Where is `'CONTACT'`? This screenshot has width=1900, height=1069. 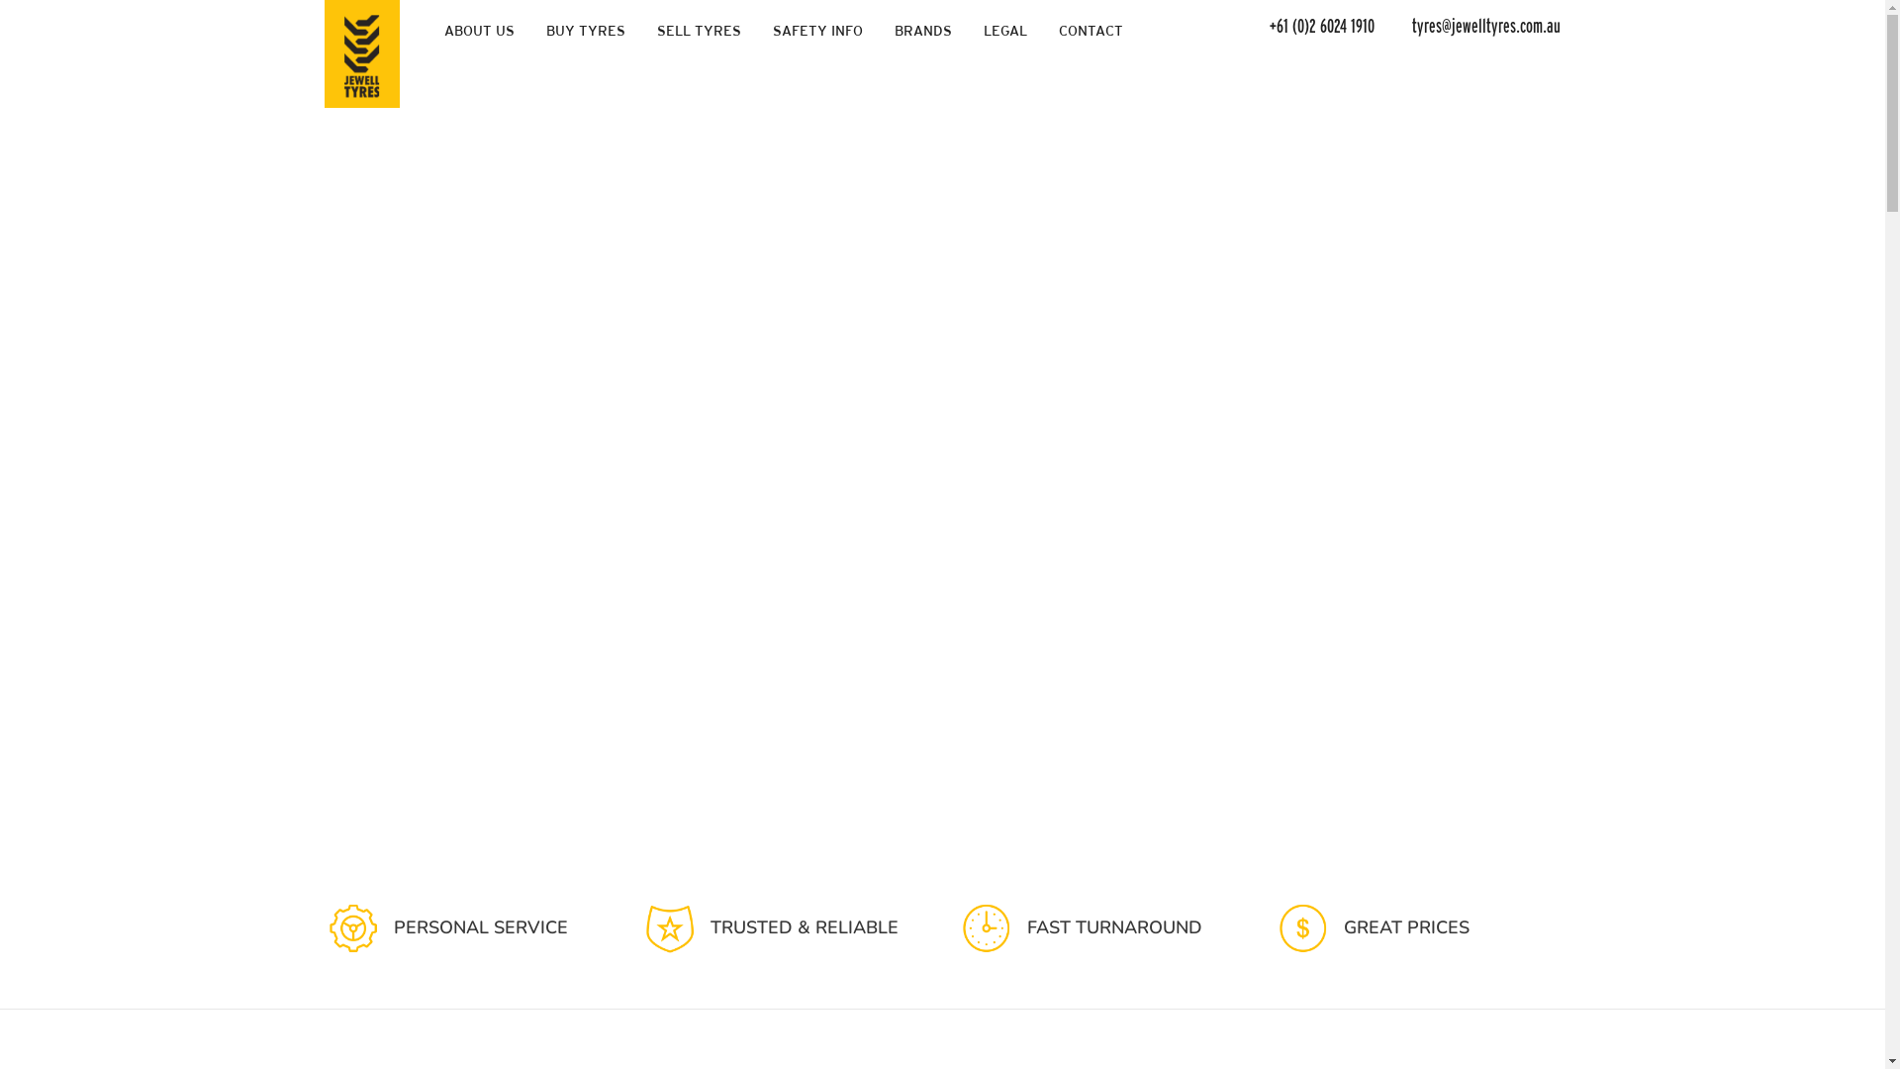 'CONTACT' is located at coordinates (1044, 30).